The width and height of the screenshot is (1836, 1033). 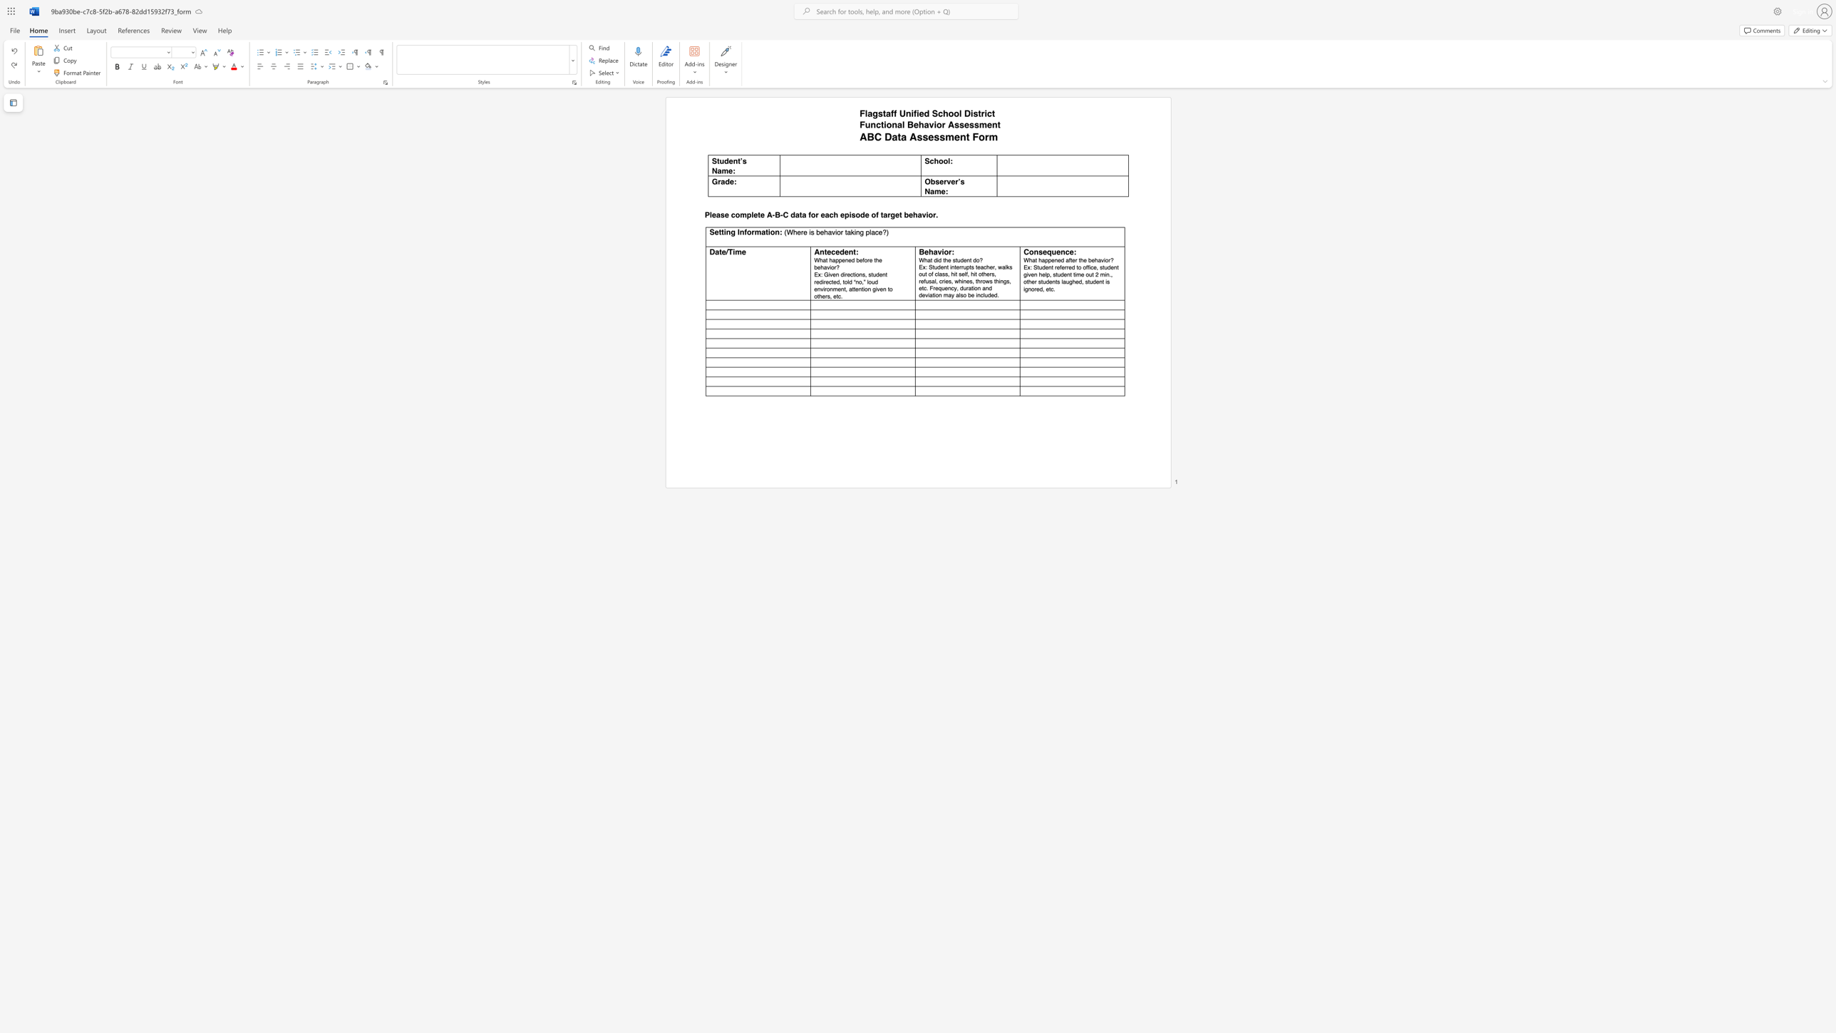 I want to click on the subset text "chool District" within the text "Flagstaff Unified School District", so click(x=937, y=113).